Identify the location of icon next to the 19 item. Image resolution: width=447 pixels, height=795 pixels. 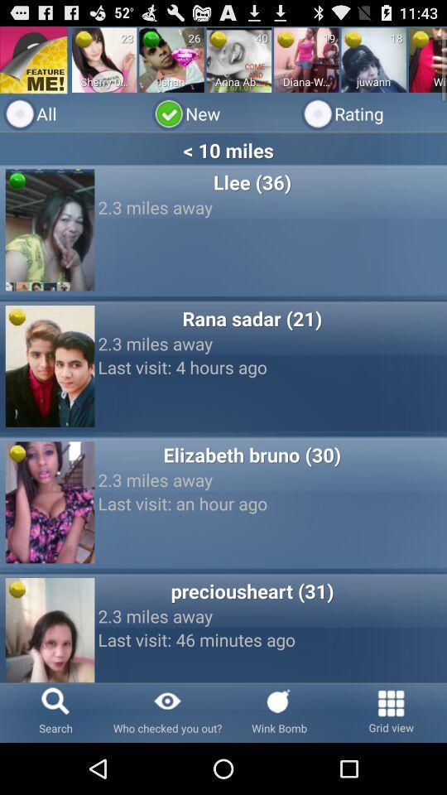
(285, 38).